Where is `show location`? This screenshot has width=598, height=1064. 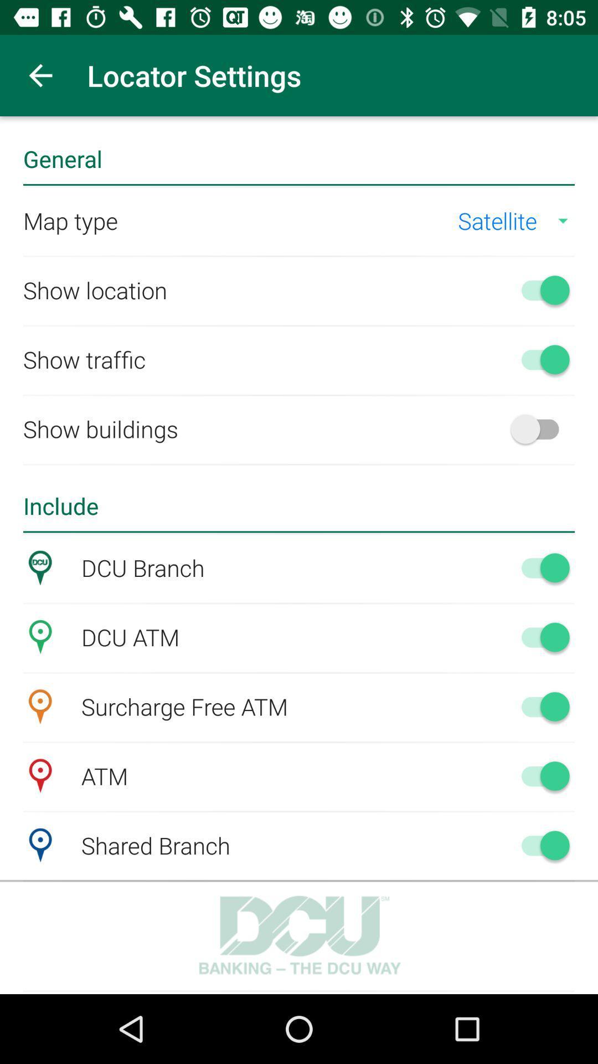 show location is located at coordinates (539, 290).